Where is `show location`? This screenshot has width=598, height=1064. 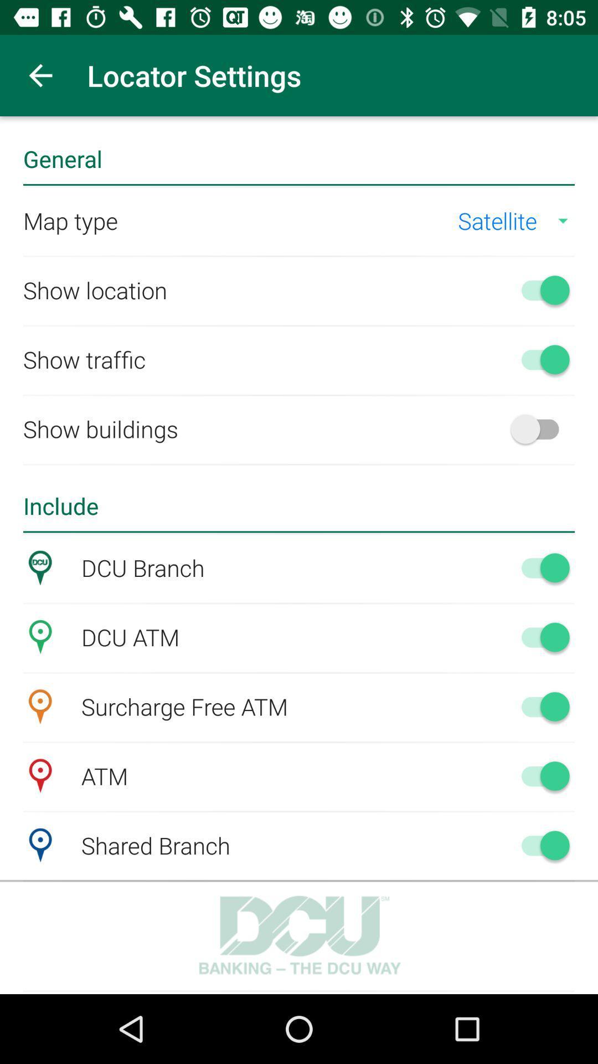 show location is located at coordinates (539, 290).